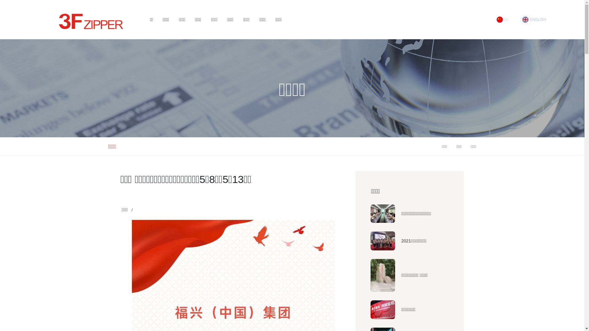 This screenshot has height=331, width=589. I want to click on 'ENGLISH', so click(534, 19).